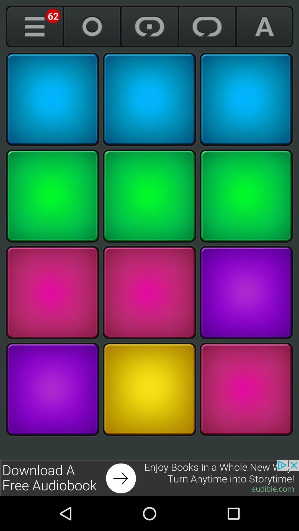 Image resolution: width=299 pixels, height=531 pixels. Describe the element at coordinates (53, 389) in the screenshot. I see `click the grid` at that location.